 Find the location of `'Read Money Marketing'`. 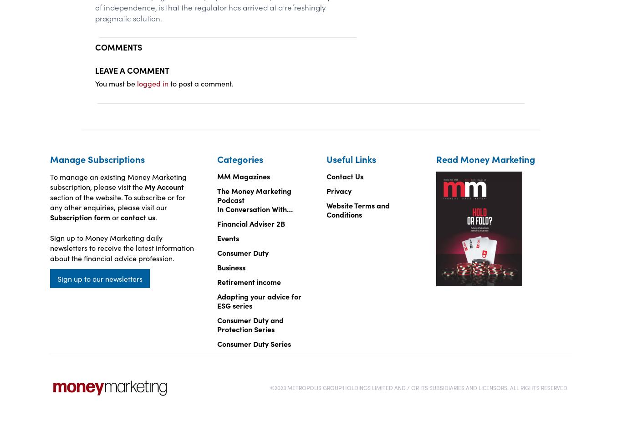

'Read Money Marketing' is located at coordinates (484, 158).